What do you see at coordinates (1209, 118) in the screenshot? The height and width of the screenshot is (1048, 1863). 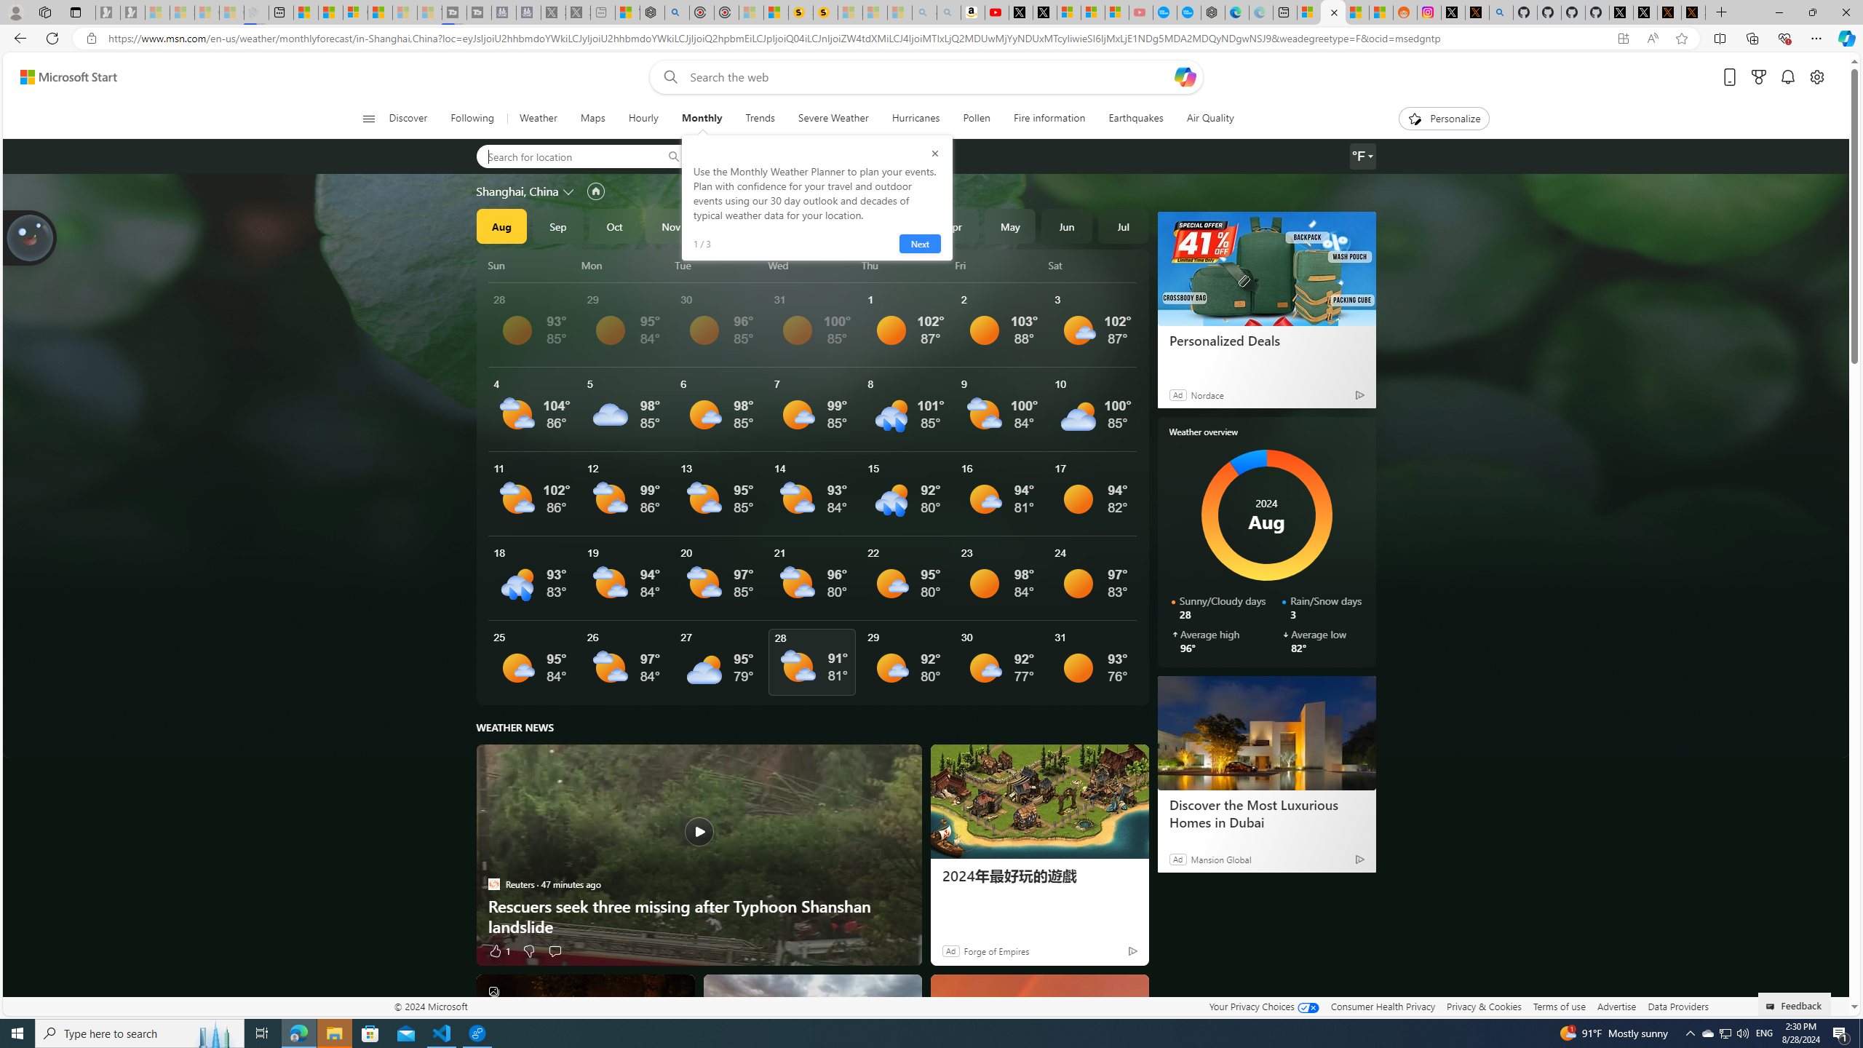 I see `'Air Quality'` at bounding box center [1209, 118].